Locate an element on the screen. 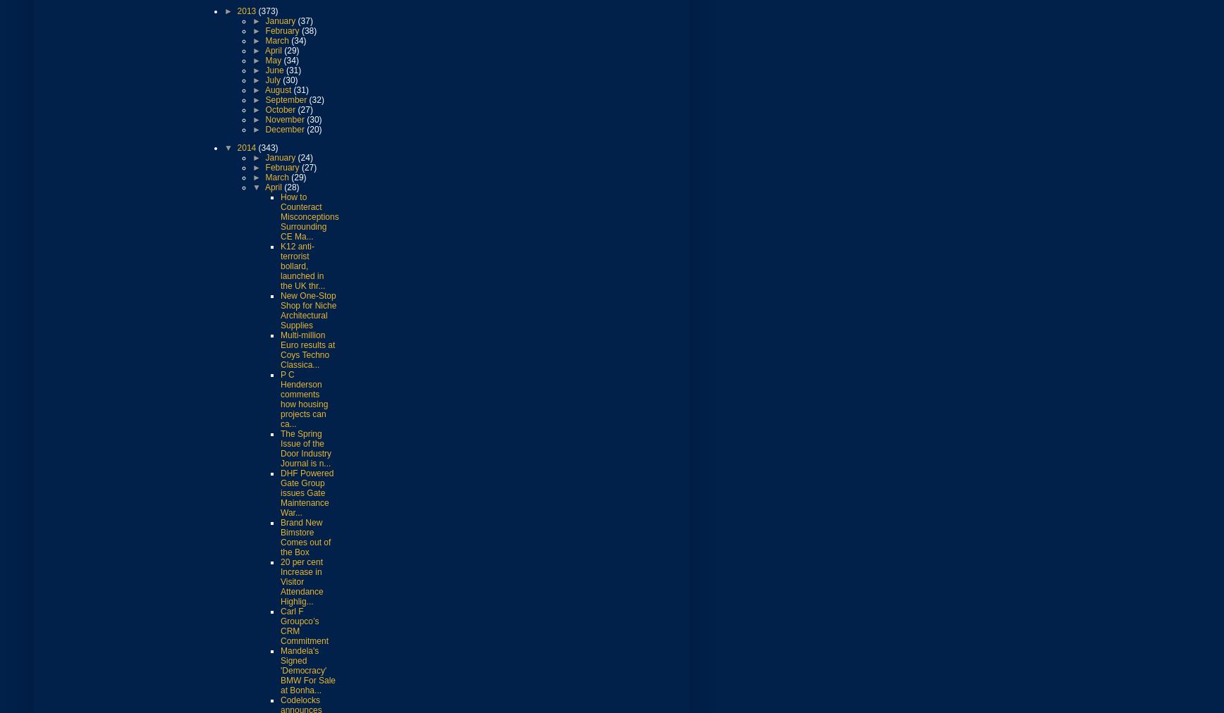 Image resolution: width=1224 pixels, height=713 pixels. 'Brand New Bimstore Comes out of the Box' is located at coordinates (305, 536).